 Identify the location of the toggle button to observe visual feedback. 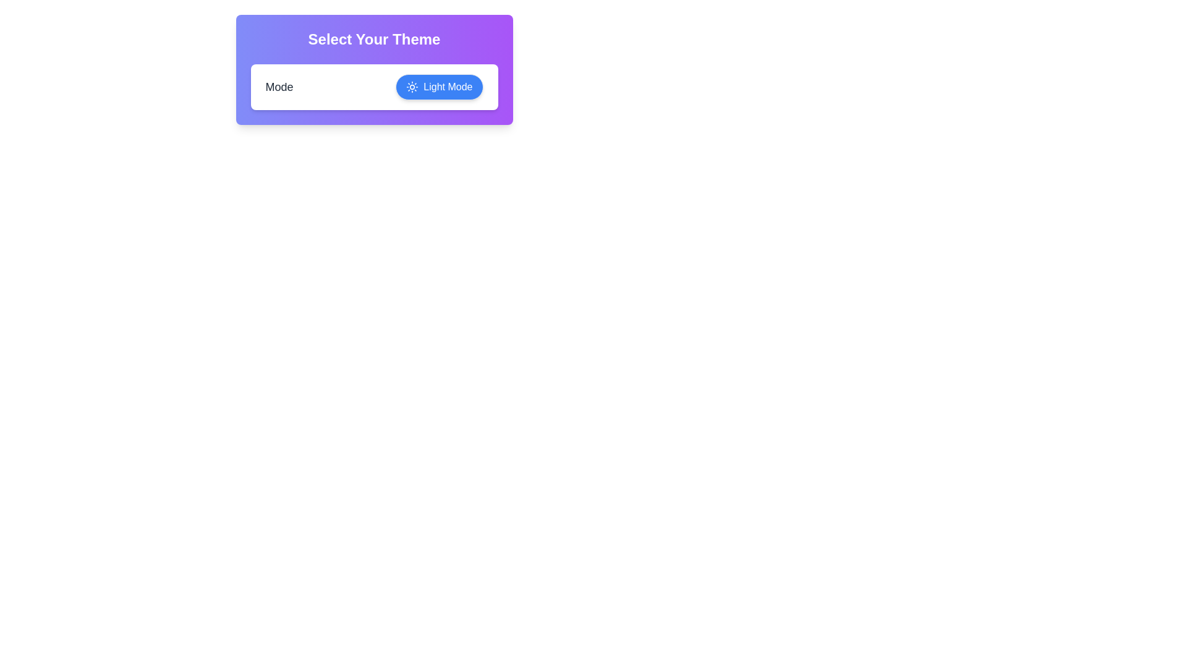
(439, 87).